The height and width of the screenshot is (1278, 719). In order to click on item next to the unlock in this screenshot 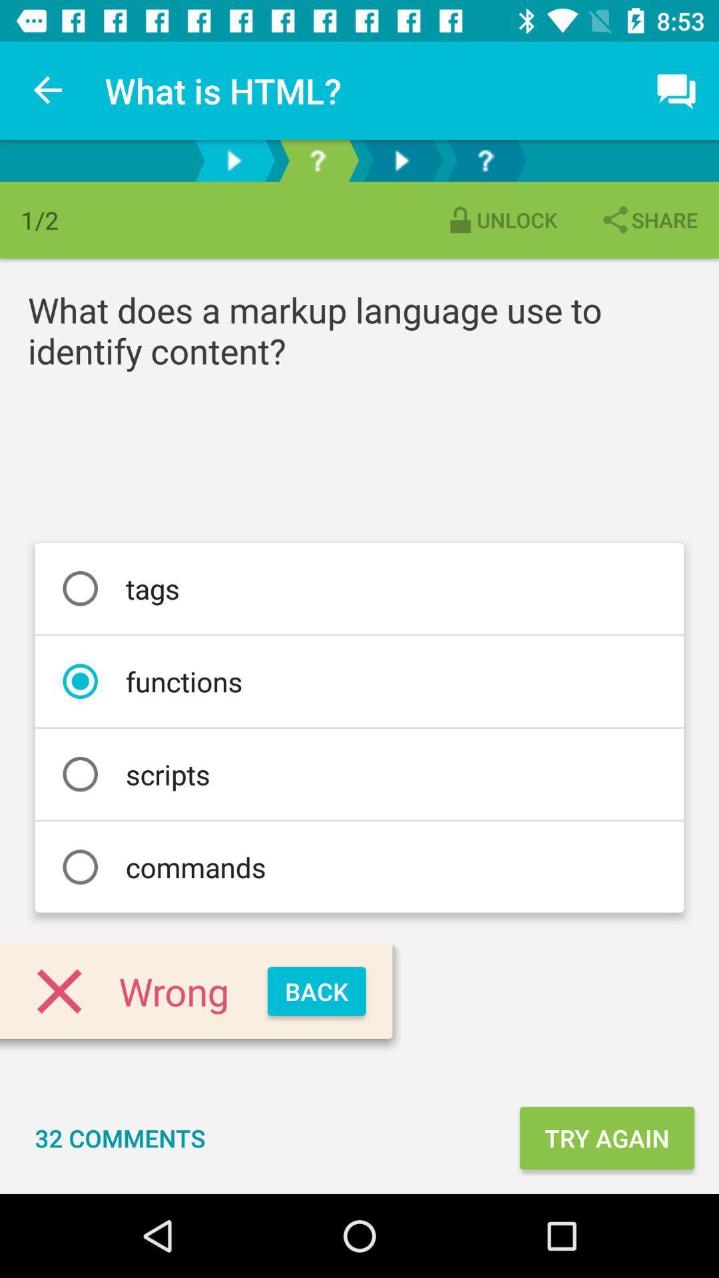, I will do `click(648, 220)`.